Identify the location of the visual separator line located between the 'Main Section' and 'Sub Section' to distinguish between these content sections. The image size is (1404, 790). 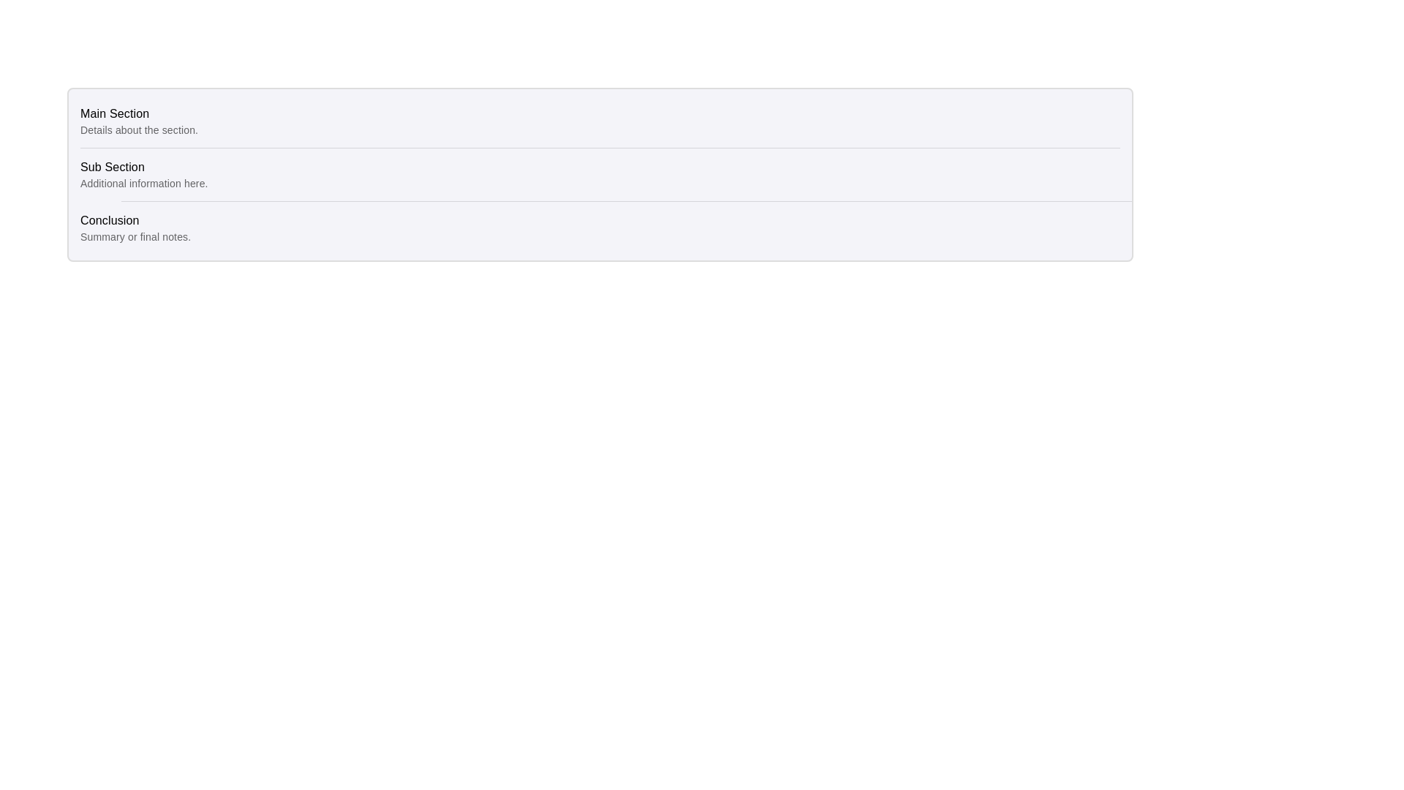
(600, 147).